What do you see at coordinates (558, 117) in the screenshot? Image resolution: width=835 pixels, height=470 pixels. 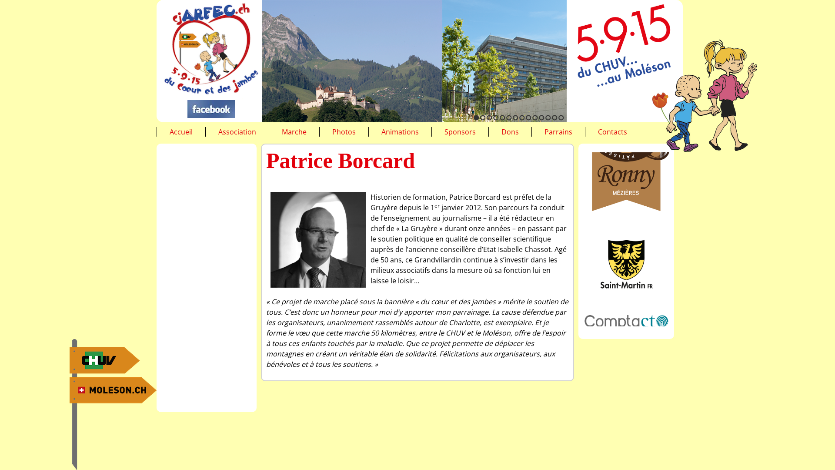 I see `'14'` at bounding box center [558, 117].